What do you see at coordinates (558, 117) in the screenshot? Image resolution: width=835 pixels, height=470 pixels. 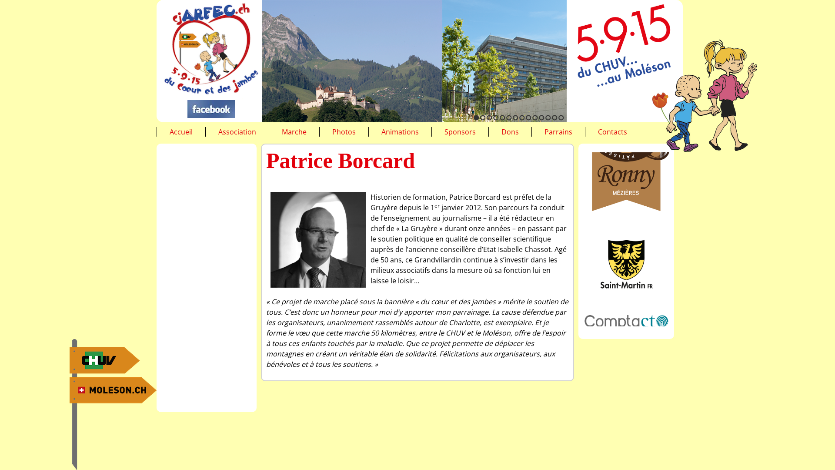 I see `'14'` at bounding box center [558, 117].